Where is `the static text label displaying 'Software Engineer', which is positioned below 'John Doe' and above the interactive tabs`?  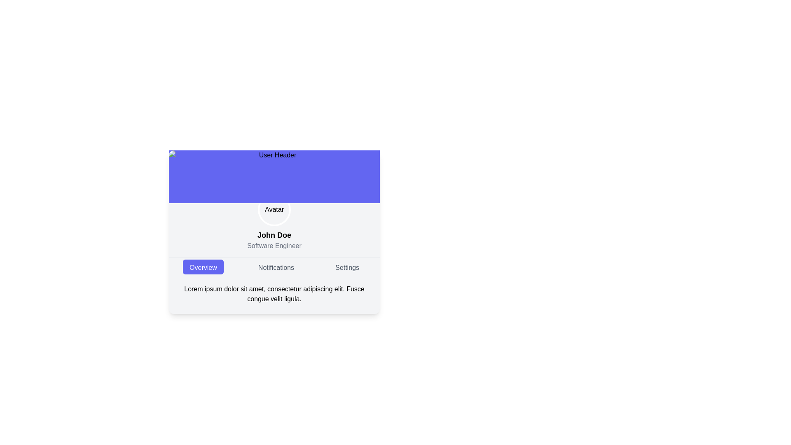
the static text label displaying 'Software Engineer', which is positioned below 'John Doe' and above the interactive tabs is located at coordinates (274, 246).